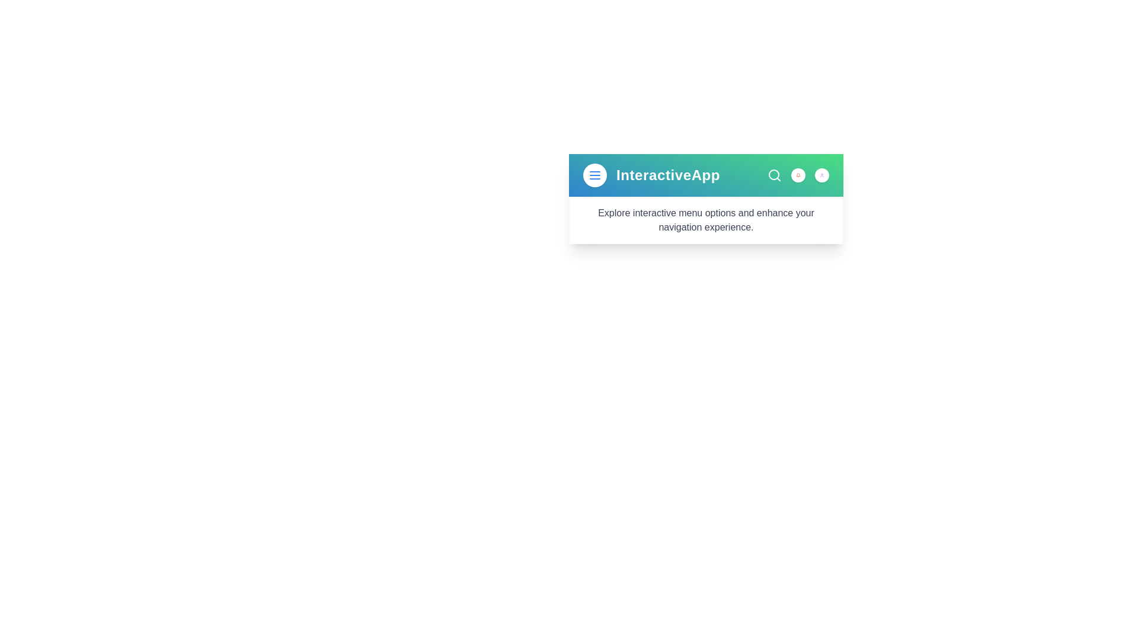 This screenshot has width=1138, height=640. I want to click on menu button to toggle the menu visibility, so click(594, 175).